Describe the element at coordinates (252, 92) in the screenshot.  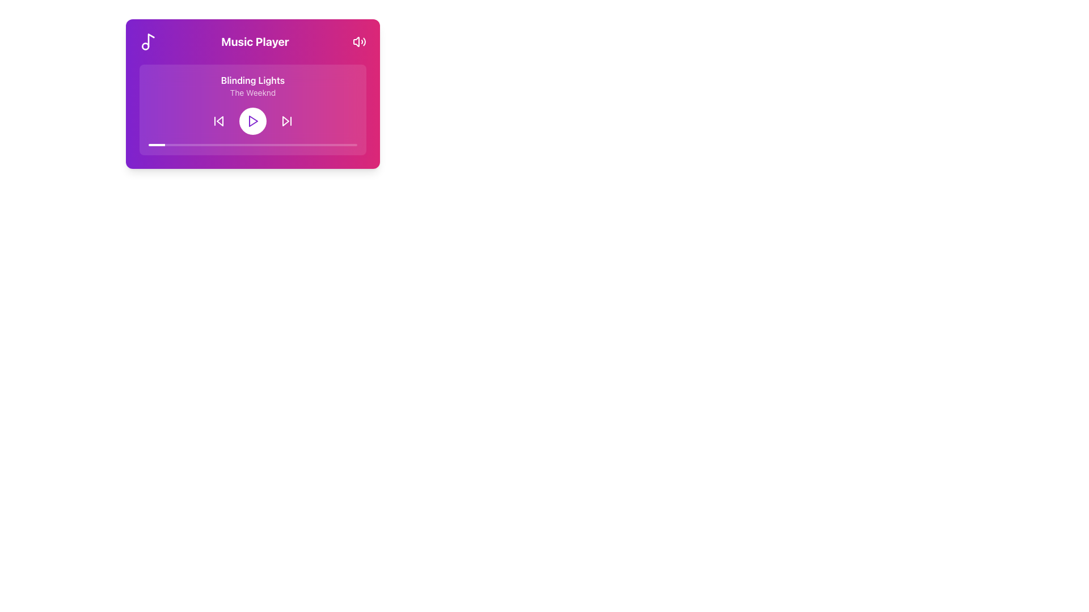
I see `the static text label displaying 'The Weeknd', which is located directly below the song title 'Blinding Lights' in the music player interface` at that location.